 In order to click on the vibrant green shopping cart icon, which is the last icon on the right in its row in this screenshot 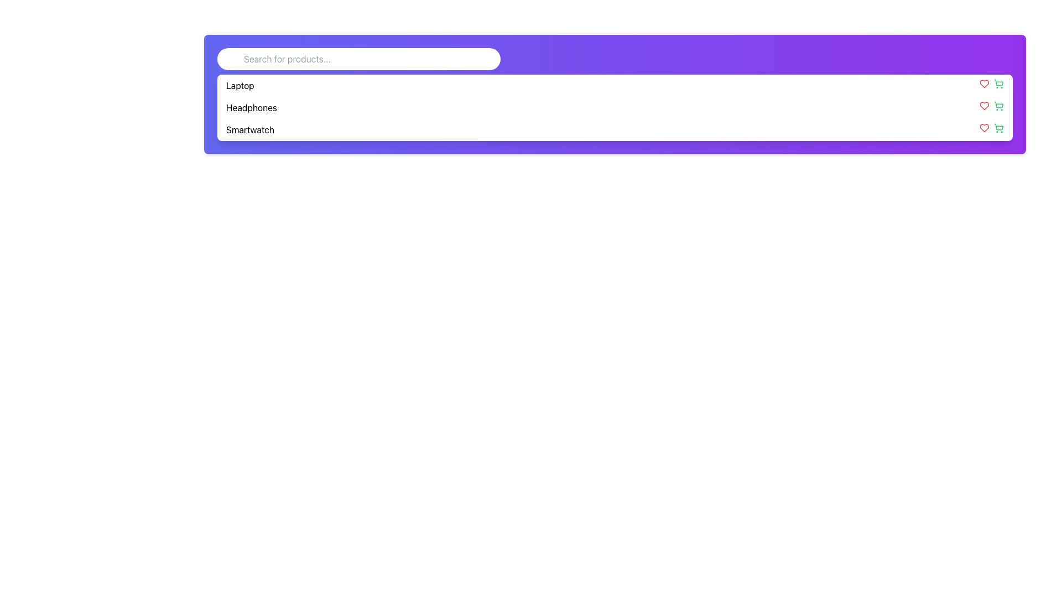, I will do `click(998, 127)`.